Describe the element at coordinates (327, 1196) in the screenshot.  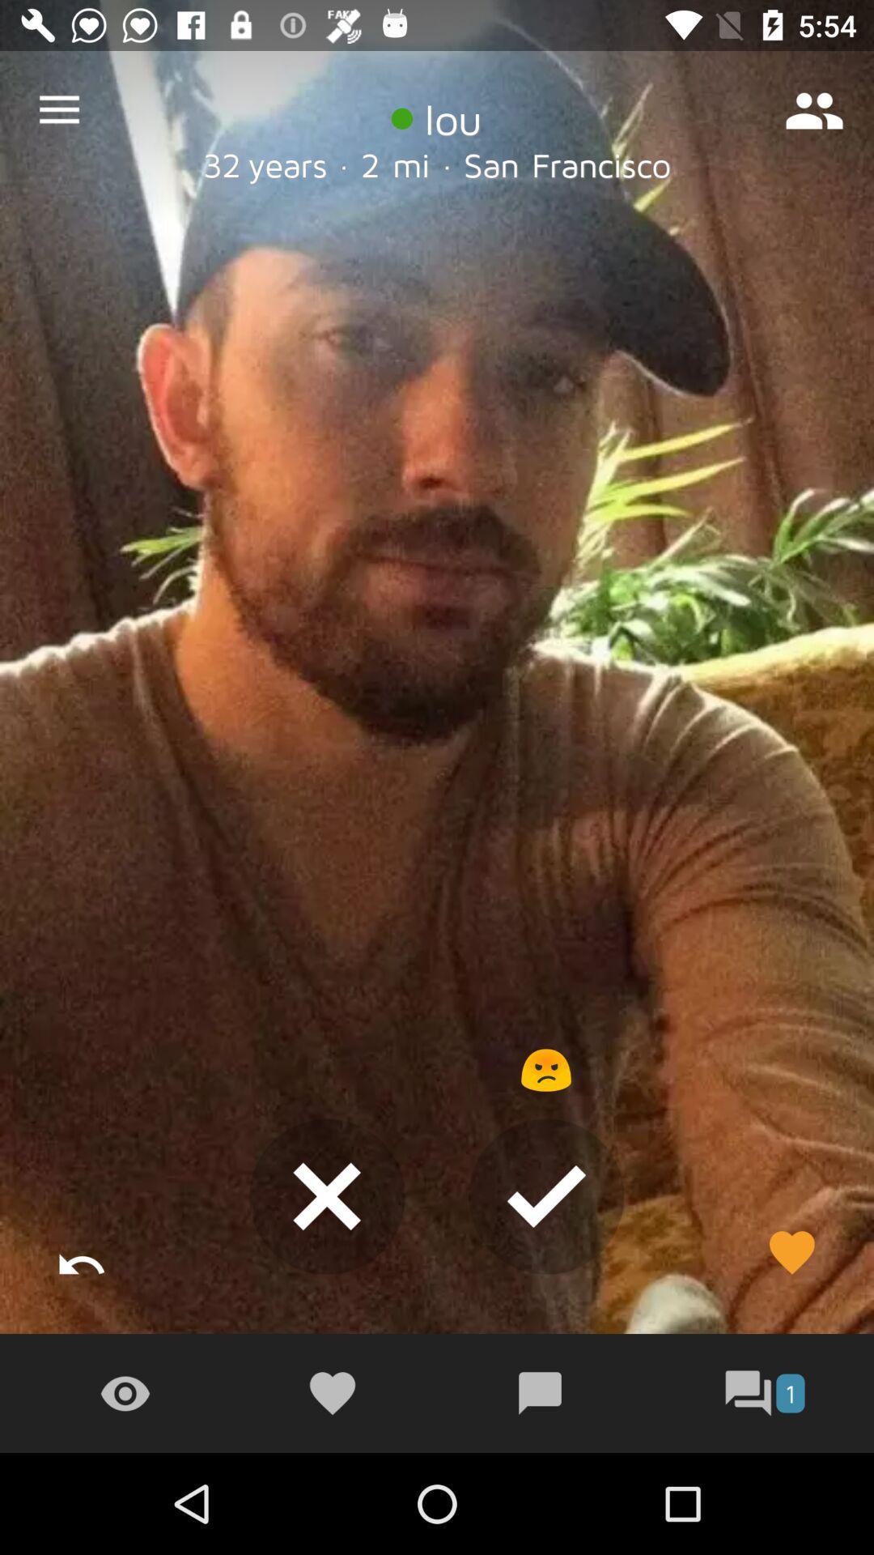
I see `the close icon` at that location.